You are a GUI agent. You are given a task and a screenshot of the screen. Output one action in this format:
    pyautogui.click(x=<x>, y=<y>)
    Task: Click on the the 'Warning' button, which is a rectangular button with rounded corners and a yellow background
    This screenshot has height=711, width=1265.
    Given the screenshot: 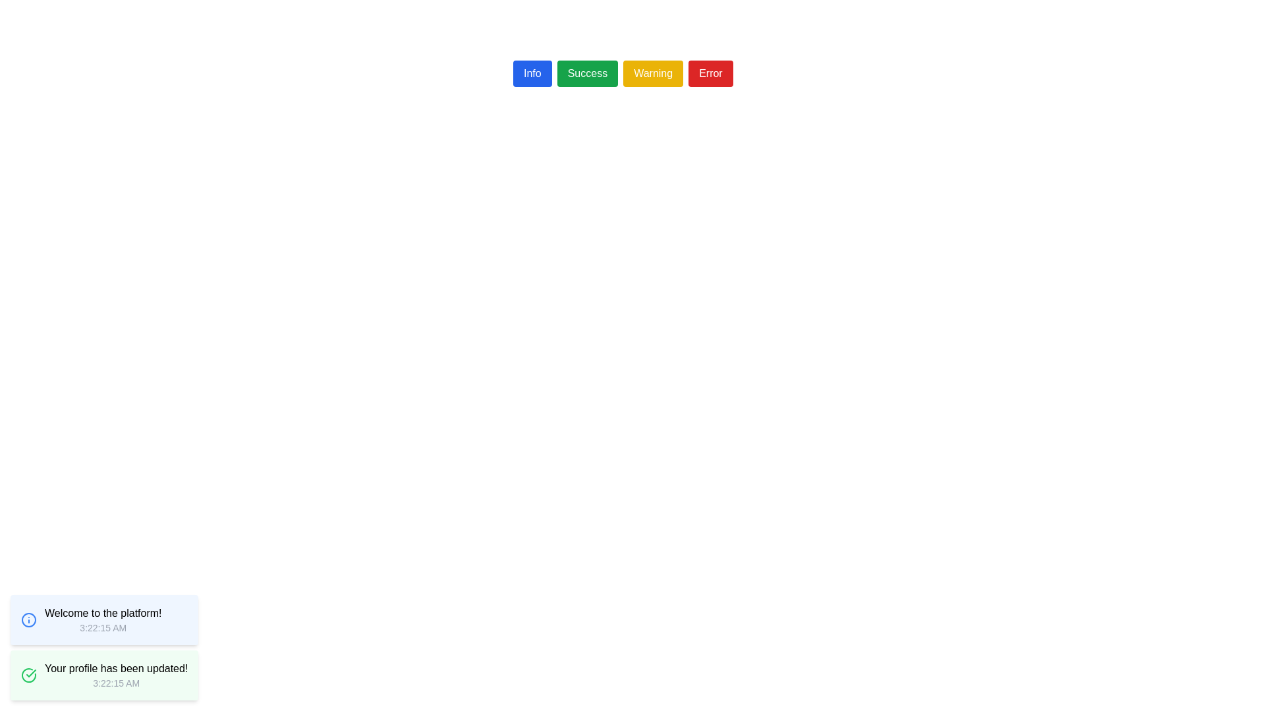 What is the action you would take?
    pyautogui.click(x=653, y=73)
    